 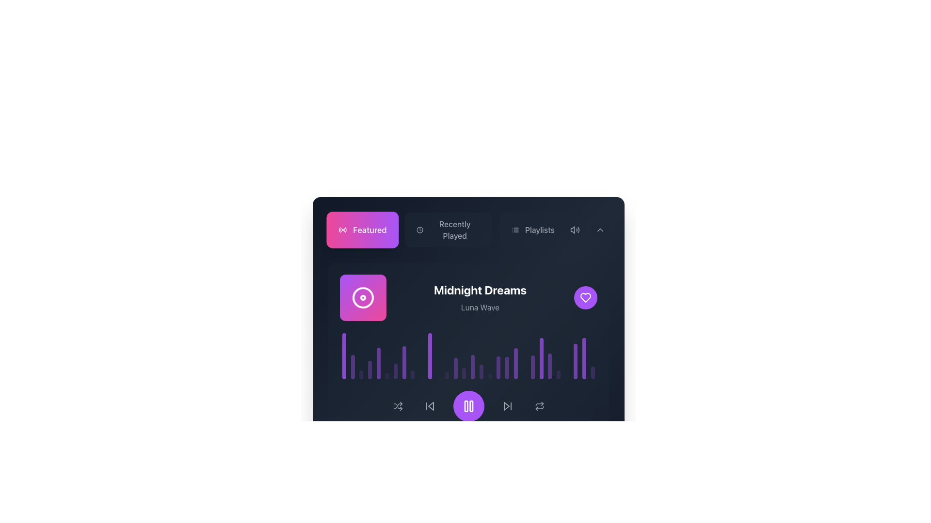 What do you see at coordinates (404, 362) in the screenshot?
I see `the 8th vertical histogram bar, which is purple with rounded tops and bottoms, located near the center of the group, situated below the music title and above the playback controls` at bounding box center [404, 362].